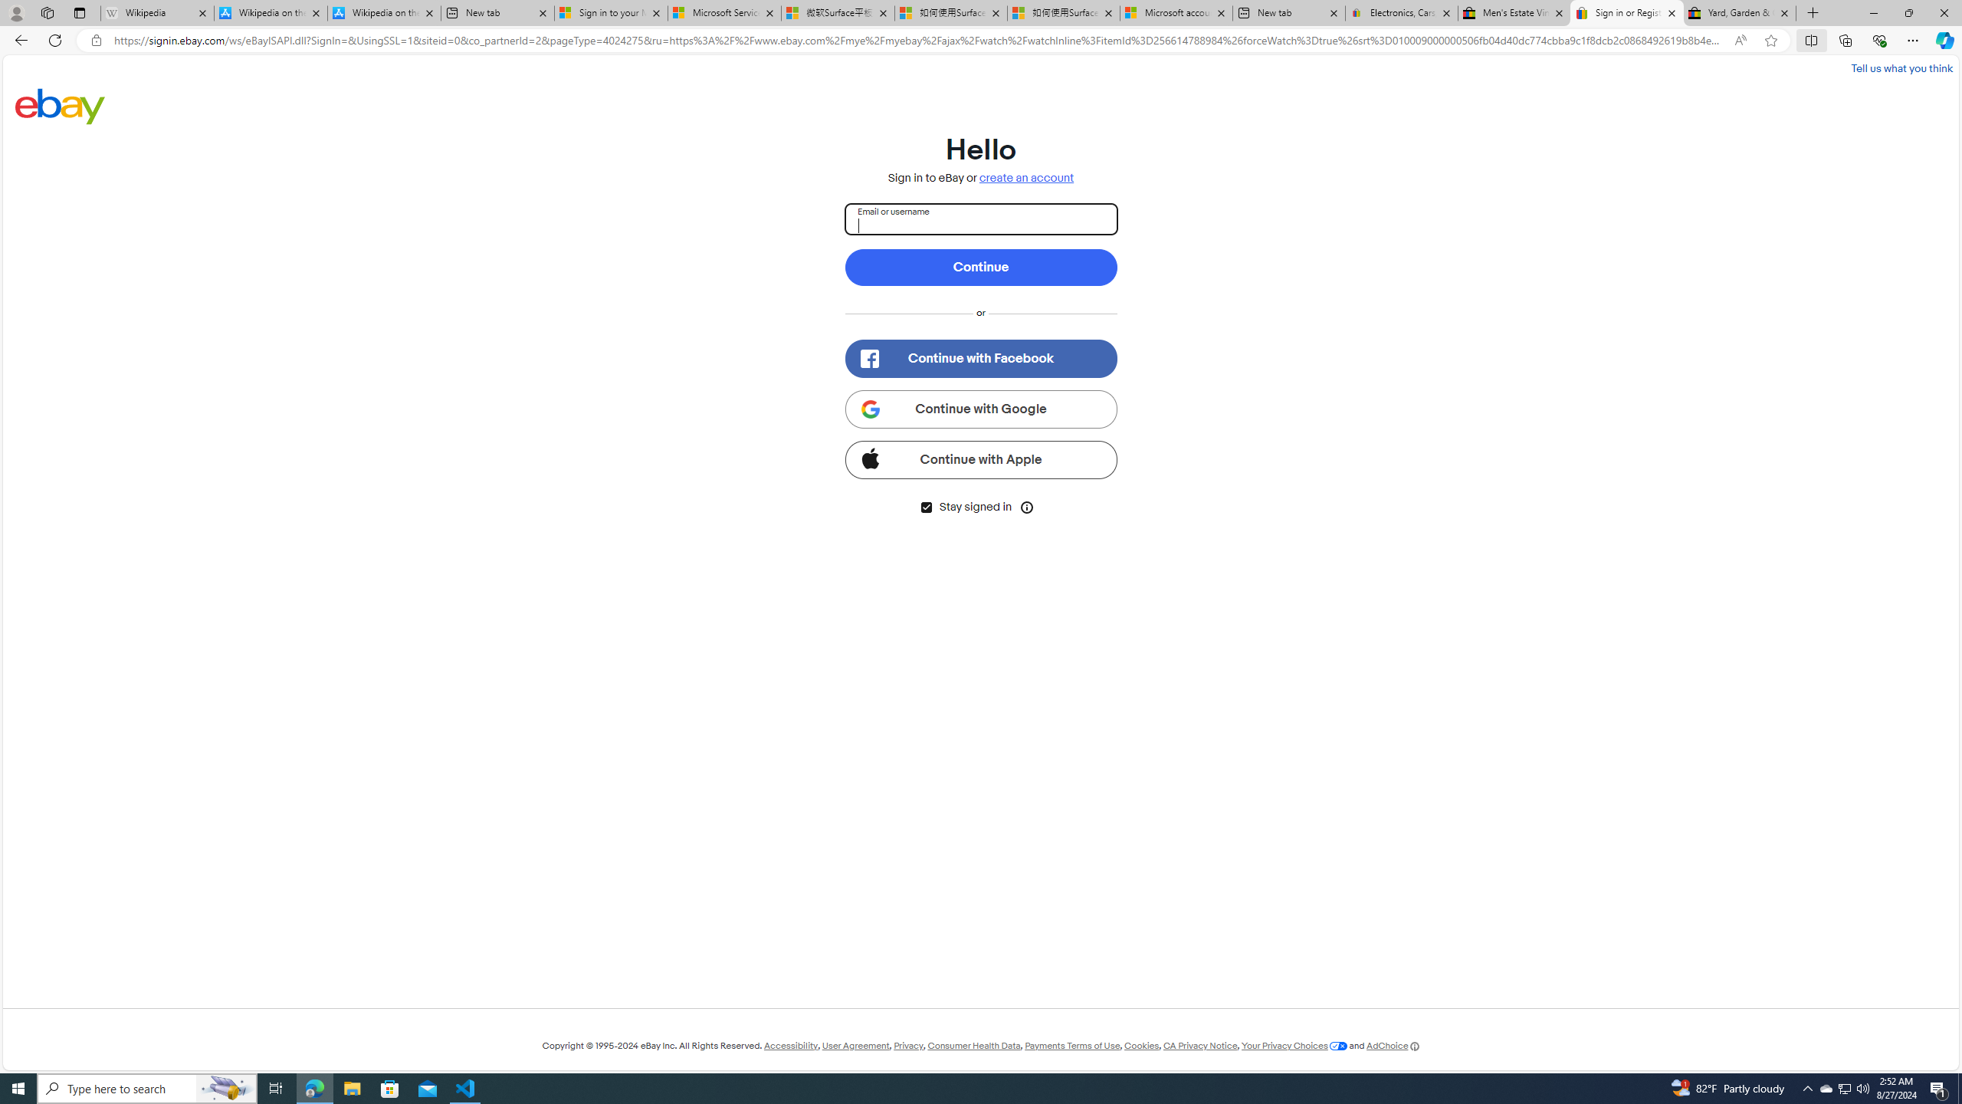 The image size is (1962, 1104). I want to click on 'CA Privacy Notice', so click(1199, 1045).